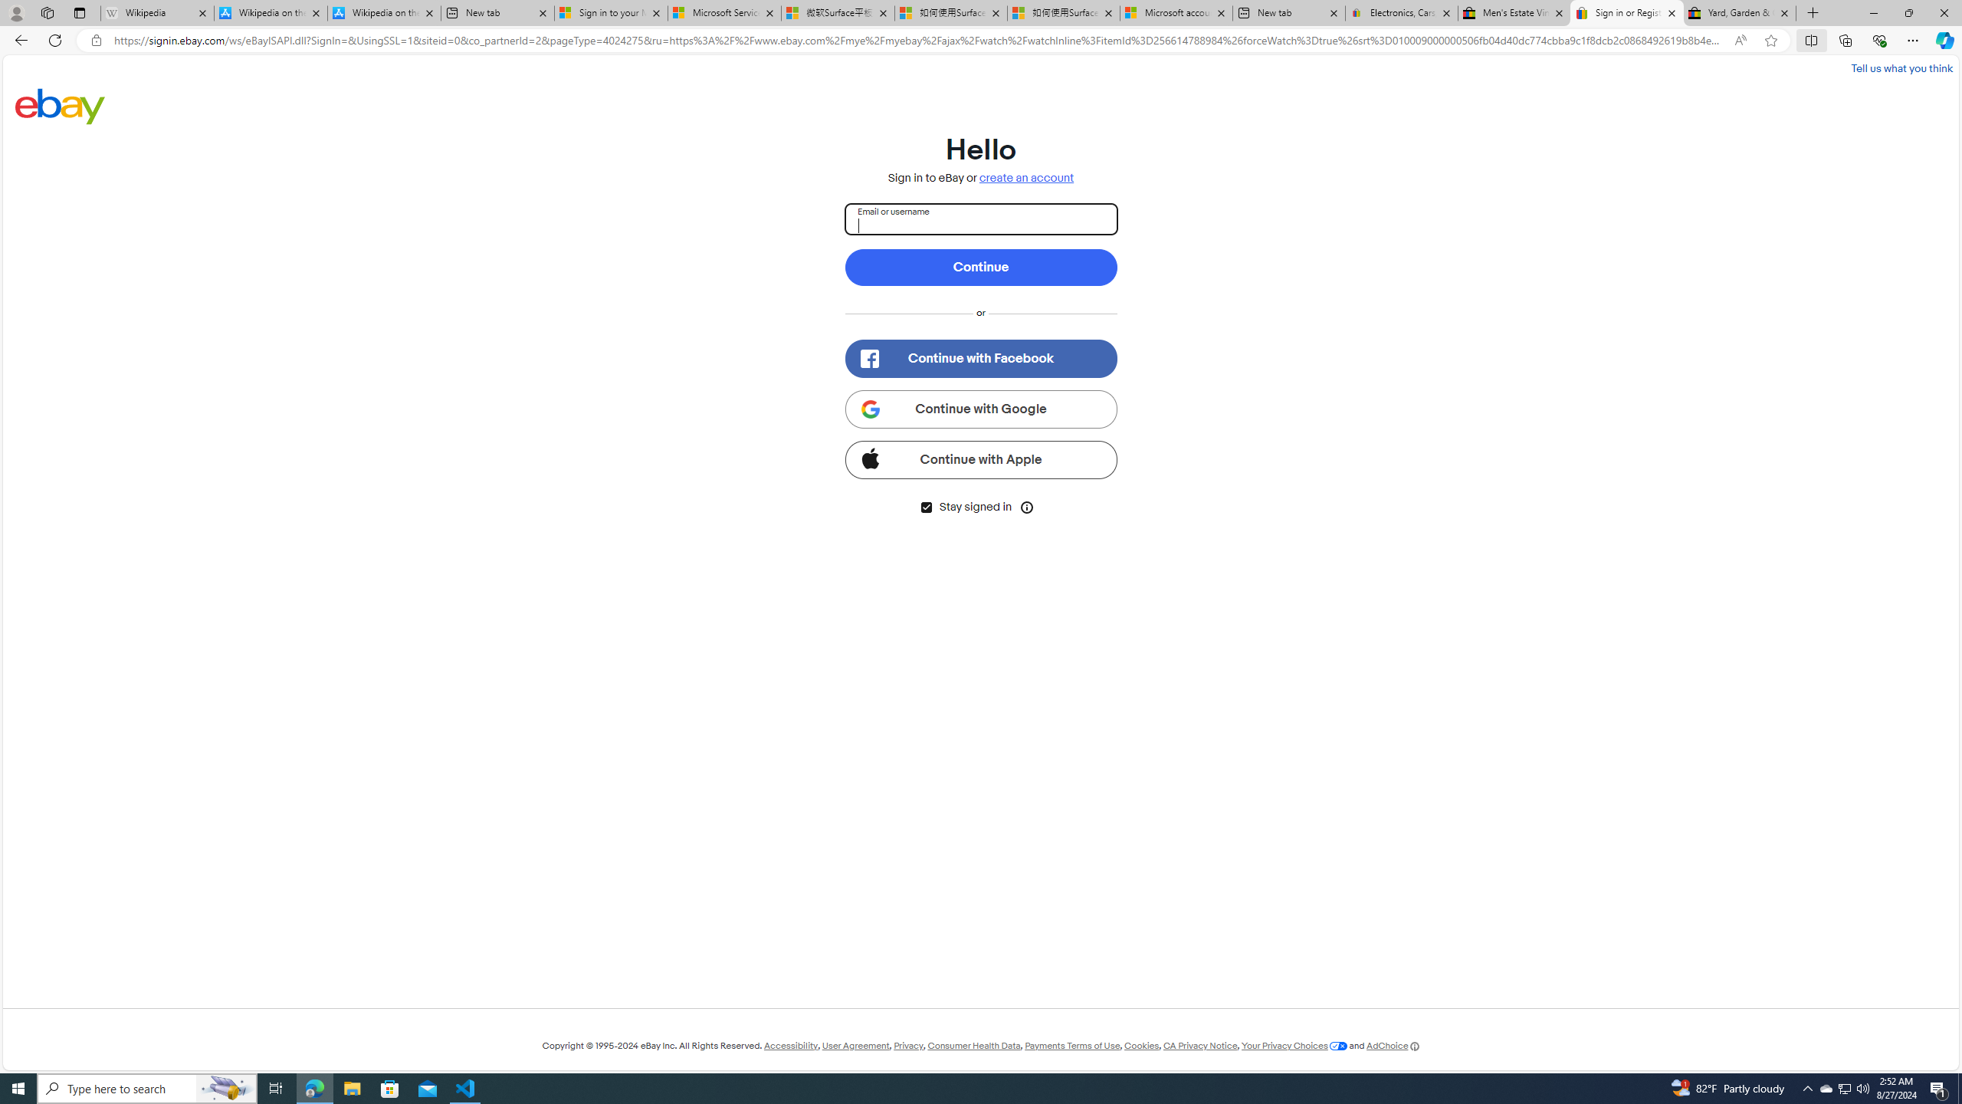 The image size is (1962, 1104). I want to click on 'CA Privacy Notice', so click(1199, 1045).